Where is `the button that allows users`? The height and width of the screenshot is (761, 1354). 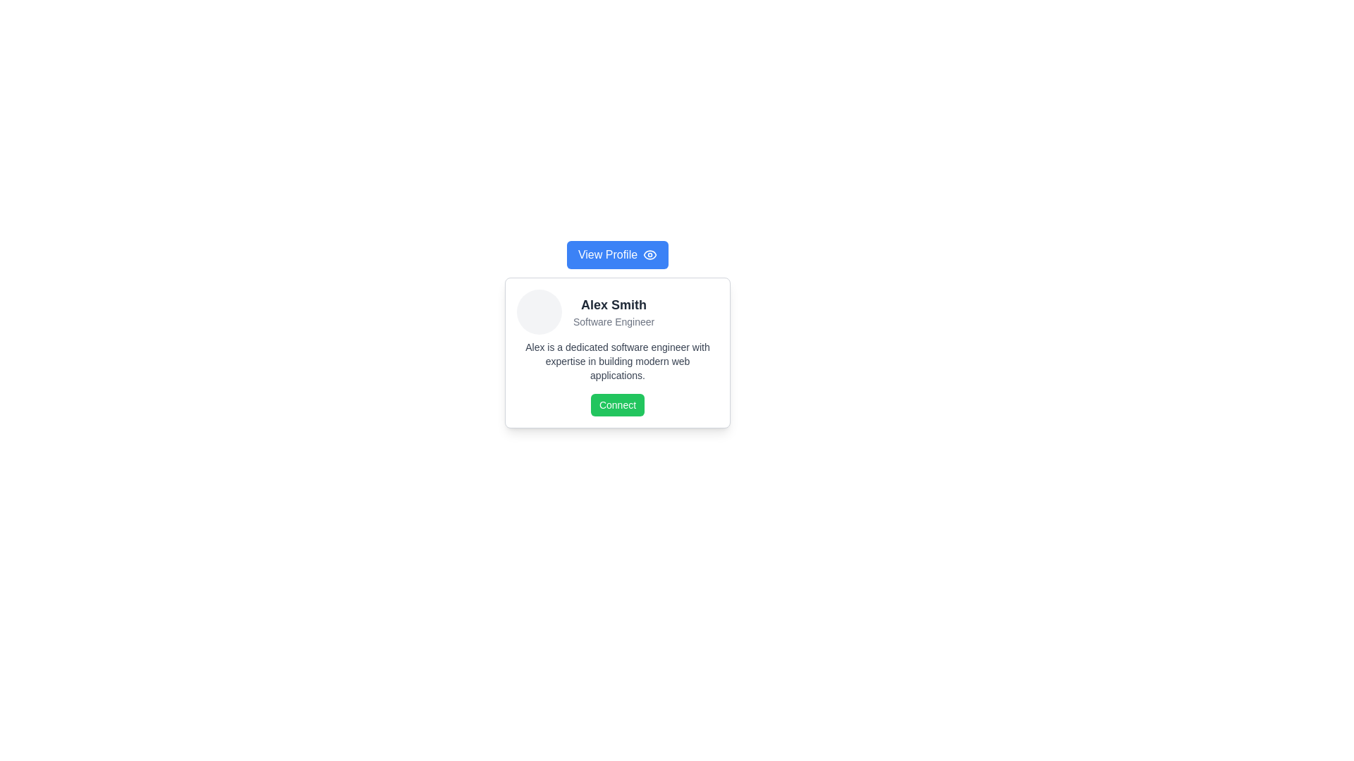
the button that allows users is located at coordinates (617, 255).